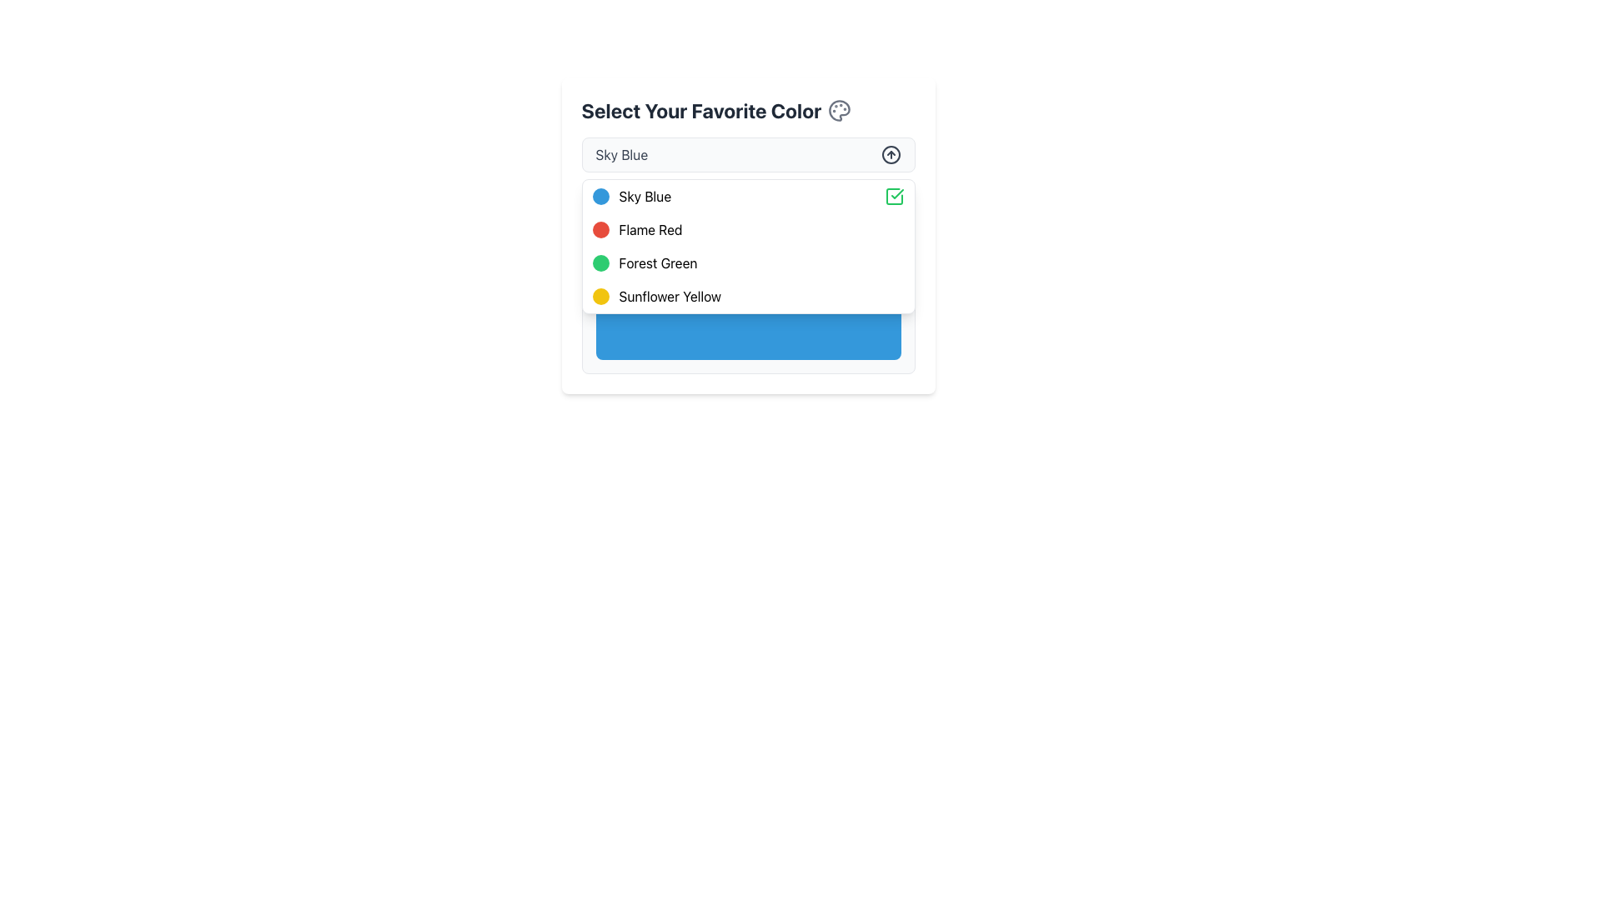 The image size is (1601, 900). Describe the element at coordinates (840, 110) in the screenshot. I see `the painter's palette icon located at the top right side of the heading text 'Select Your Favorite Color'` at that location.